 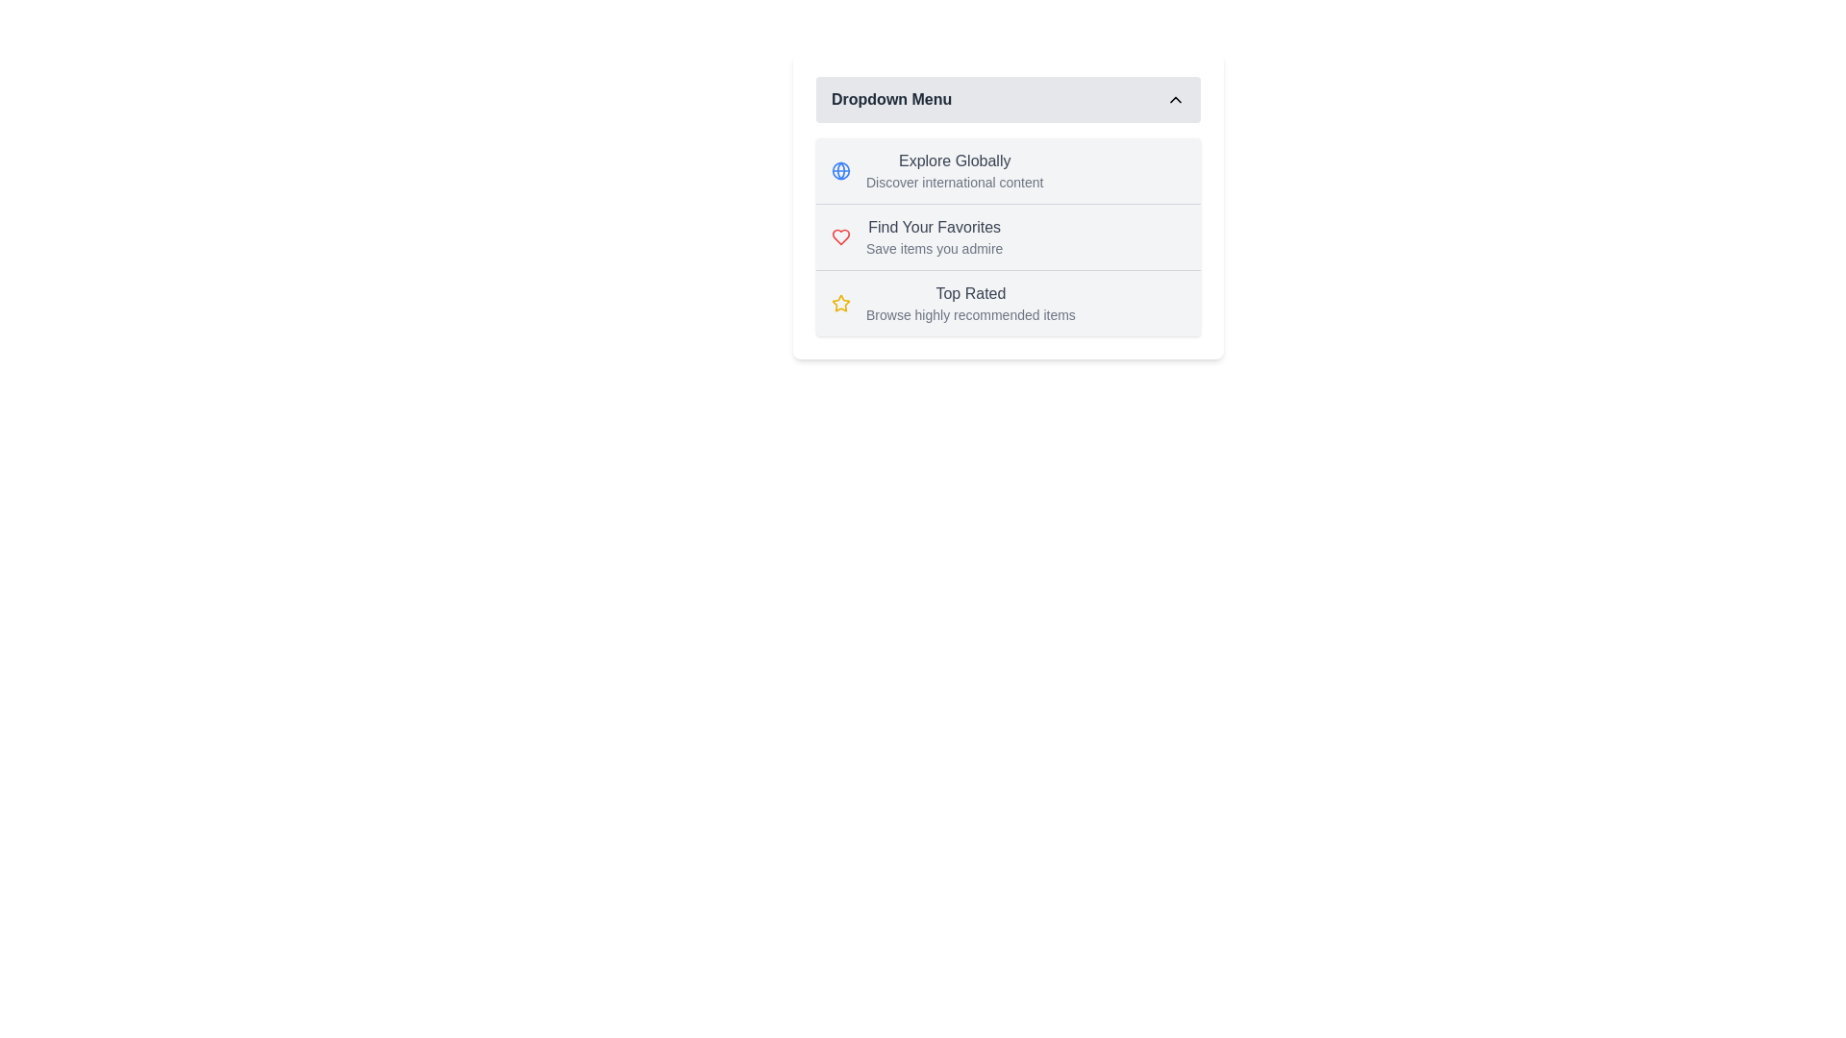 I want to click on the 'Top Rated' menu item, which features a star icon and is the third item in the vertical dropdown menu, so click(x=1008, y=303).